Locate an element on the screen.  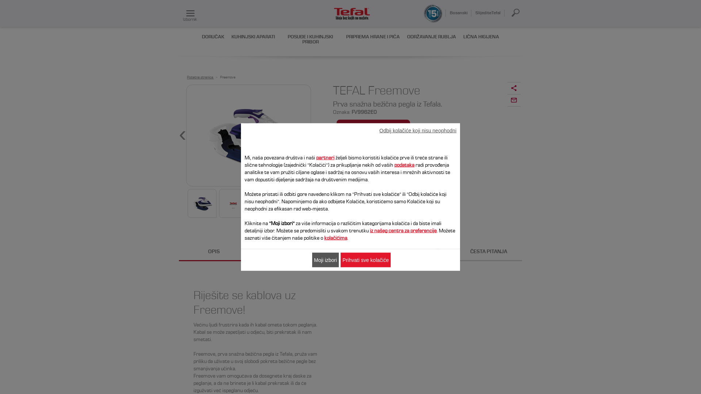
'PREDNOSTI' is located at coordinates (282, 252).